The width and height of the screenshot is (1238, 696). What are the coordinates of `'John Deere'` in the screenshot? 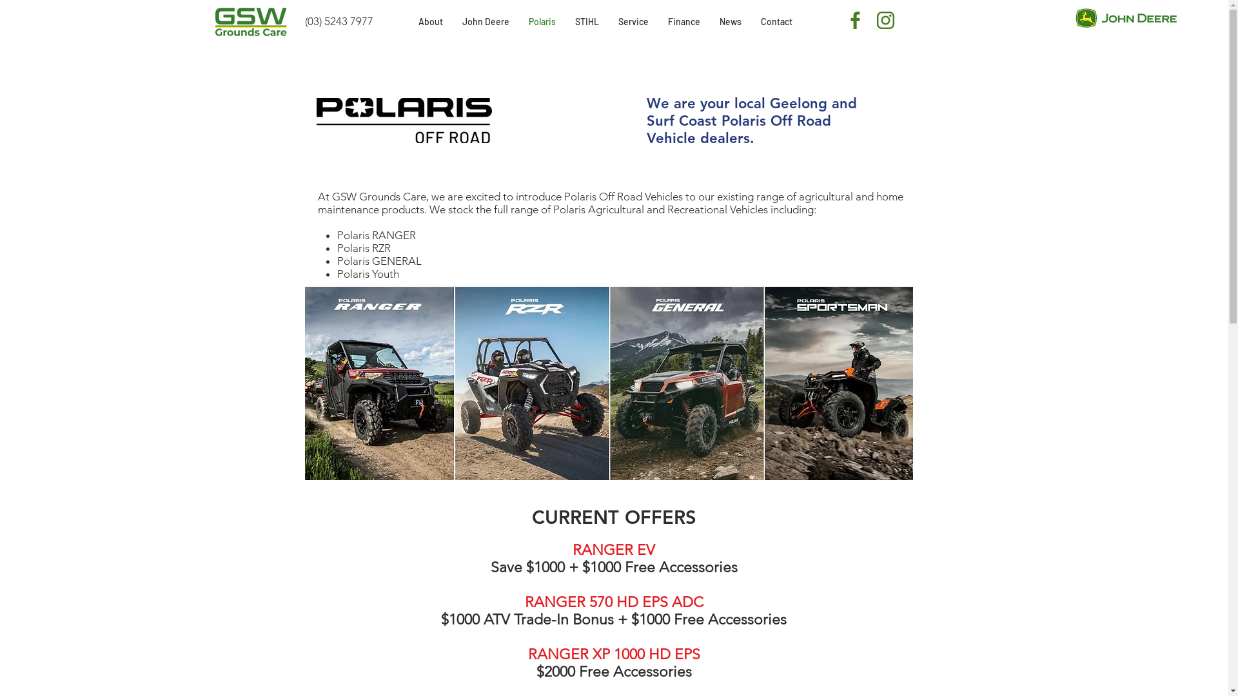 It's located at (485, 21).